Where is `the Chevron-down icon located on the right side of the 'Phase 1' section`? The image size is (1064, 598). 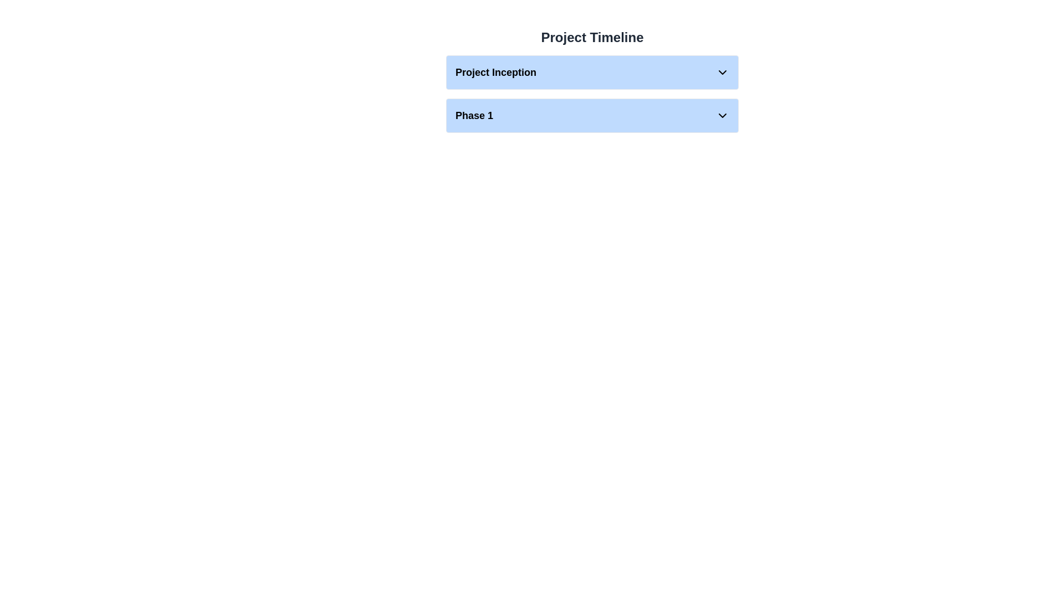 the Chevron-down icon located on the right side of the 'Phase 1' section is located at coordinates (723, 115).